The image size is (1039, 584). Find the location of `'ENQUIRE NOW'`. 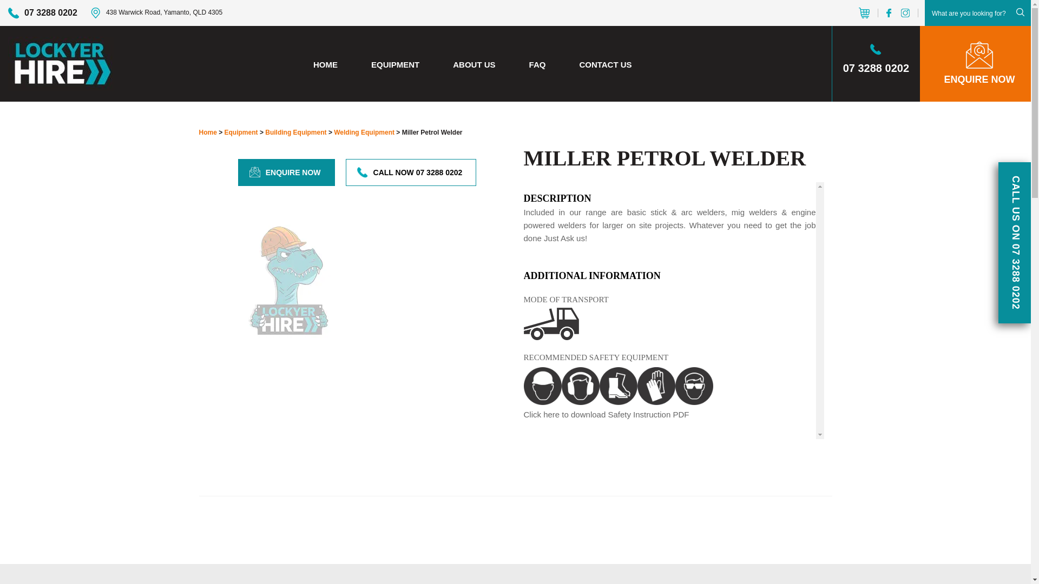

'ENQUIRE NOW' is located at coordinates (286, 172).